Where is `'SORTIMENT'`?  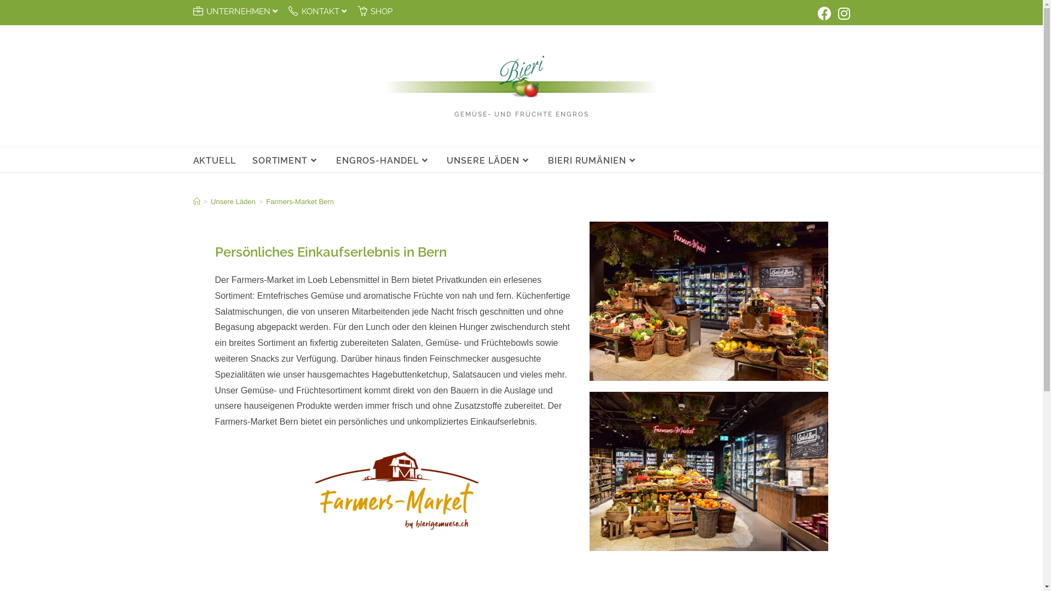 'SORTIMENT' is located at coordinates (286, 160).